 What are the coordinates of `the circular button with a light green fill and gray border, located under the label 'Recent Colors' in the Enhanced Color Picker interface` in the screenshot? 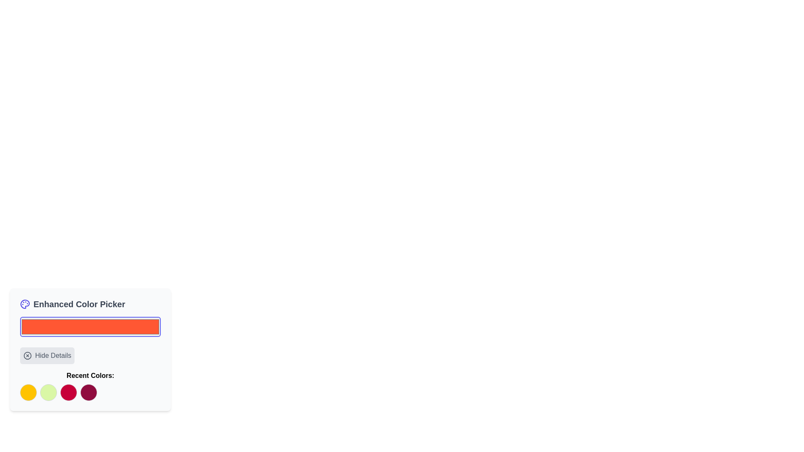 It's located at (48, 392).